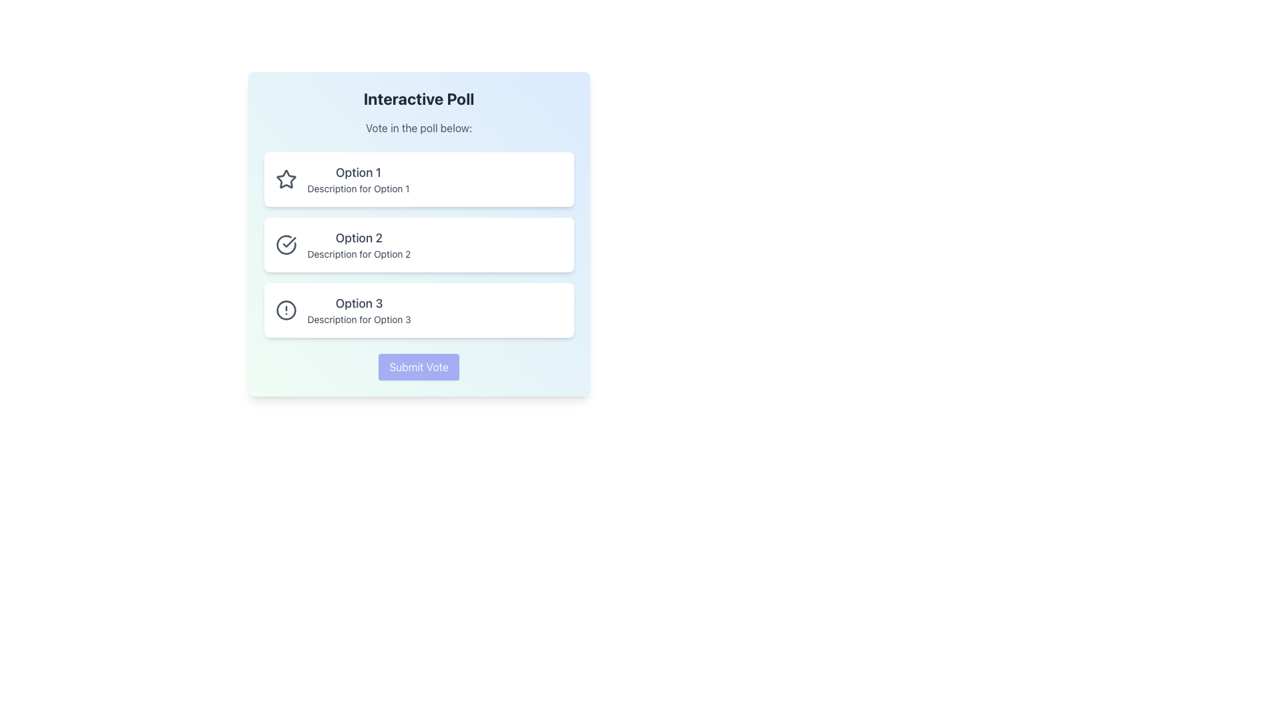  Describe the element at coordinates (285, 179) in the screenshot. I see `the star icon outlined in gray, which is the first element on the left within the rectangular area containing the text 'Option 1 Description for Option 1'` at that location.